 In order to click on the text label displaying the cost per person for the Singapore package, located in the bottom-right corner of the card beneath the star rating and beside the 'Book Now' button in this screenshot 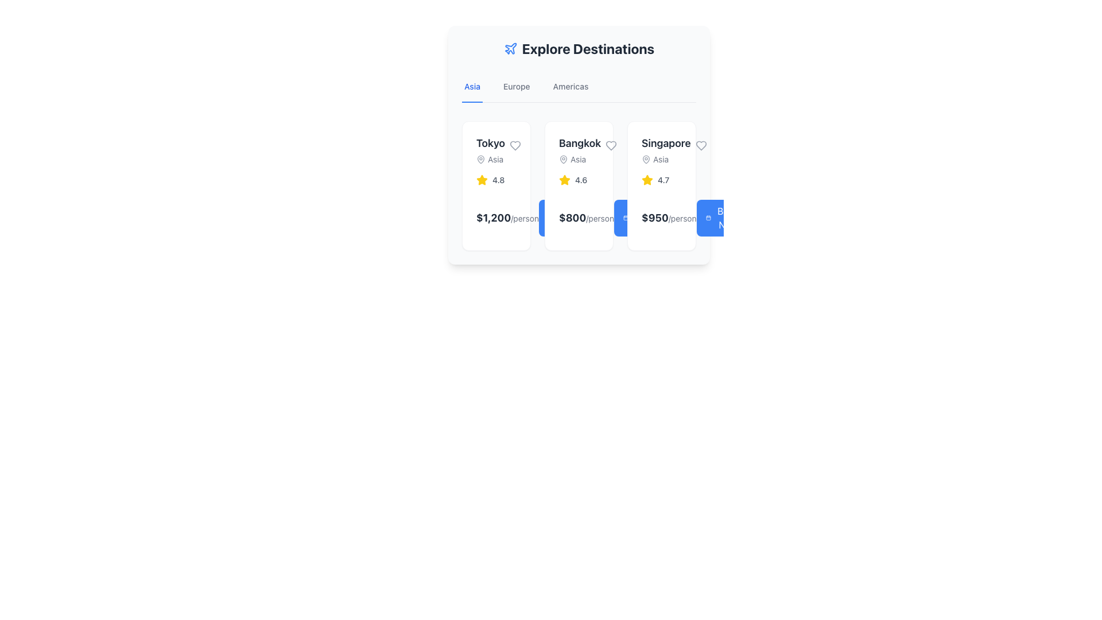, I will do `click(669, 218)`.